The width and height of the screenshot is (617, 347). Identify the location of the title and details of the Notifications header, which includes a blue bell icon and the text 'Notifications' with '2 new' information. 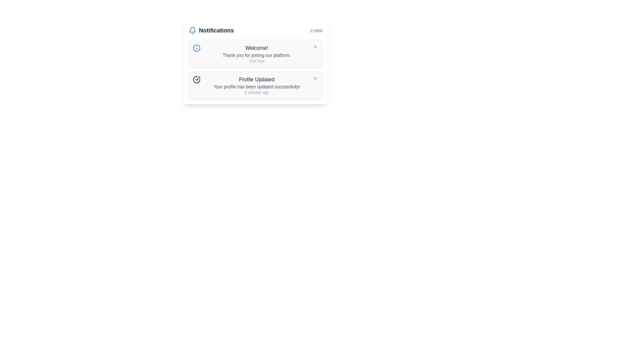
(255, 31).